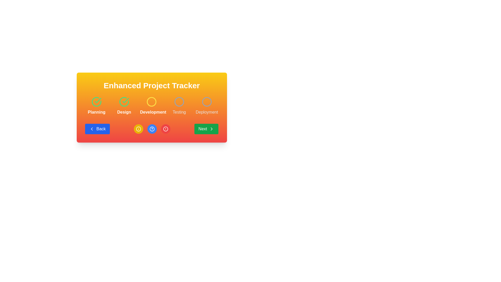 This screenshot has height=282, width=501. I want to click on the static text label indicating the 'Planning' phase of the sequential process, which is located below the green check-mark icon and to the left of the steps labeled 'Design', 'Development', 'Testing', and 'Deployment', so click(97, 112).